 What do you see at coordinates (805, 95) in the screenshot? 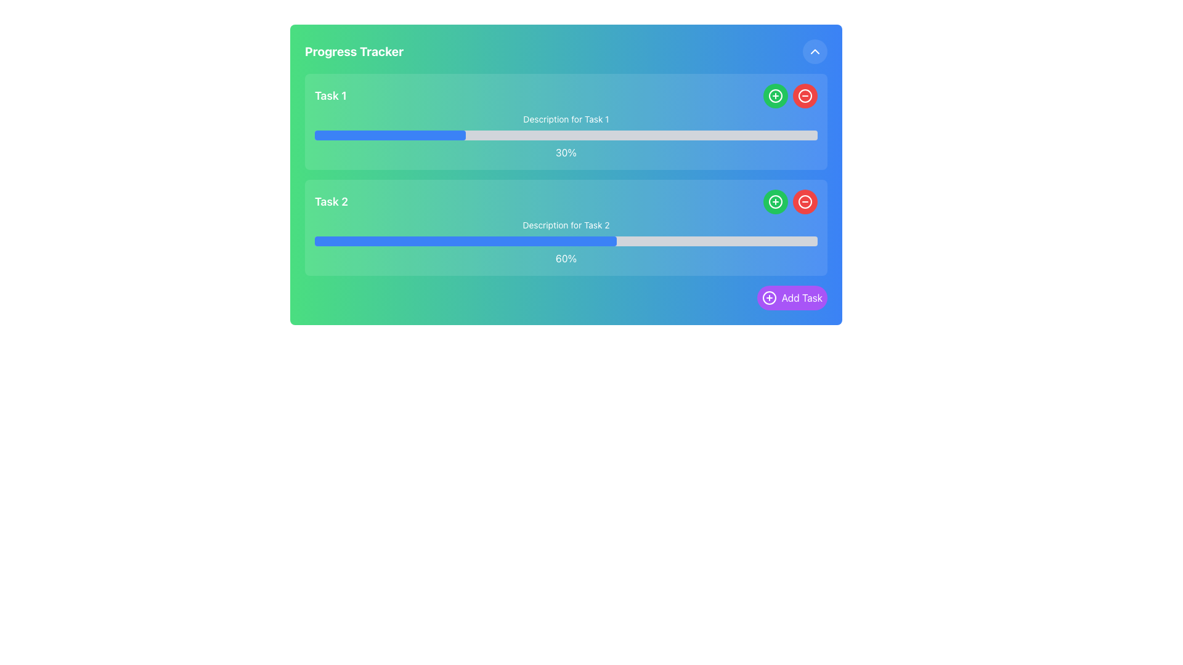
I see `the rounded red button with a minus icon located in the top task row` at bounding box center [805, 95].